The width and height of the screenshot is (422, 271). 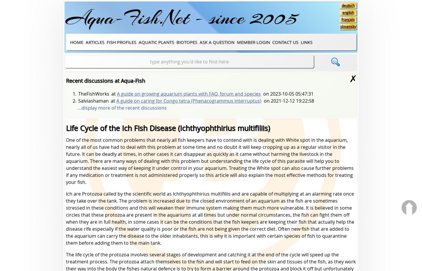 What do you see at coordinates (77, 100) in the screenshot?
I see `'Salviashaman'` at bounding box center [77, 100].